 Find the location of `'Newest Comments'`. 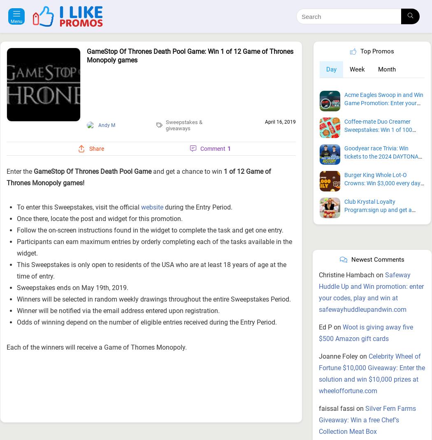

'Newest Comments' is located at coordinates (378, 214).